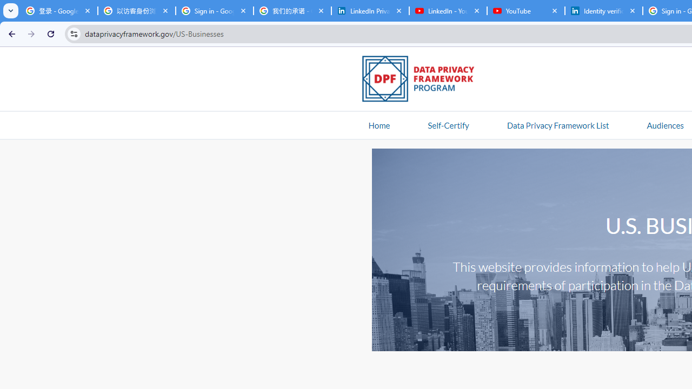 The width and height of the screenshot is (692, 389). Describe the element at coordinates (370, 11) in the screenshot. I see `'LinkedIn Privacy Policy'` at that location.